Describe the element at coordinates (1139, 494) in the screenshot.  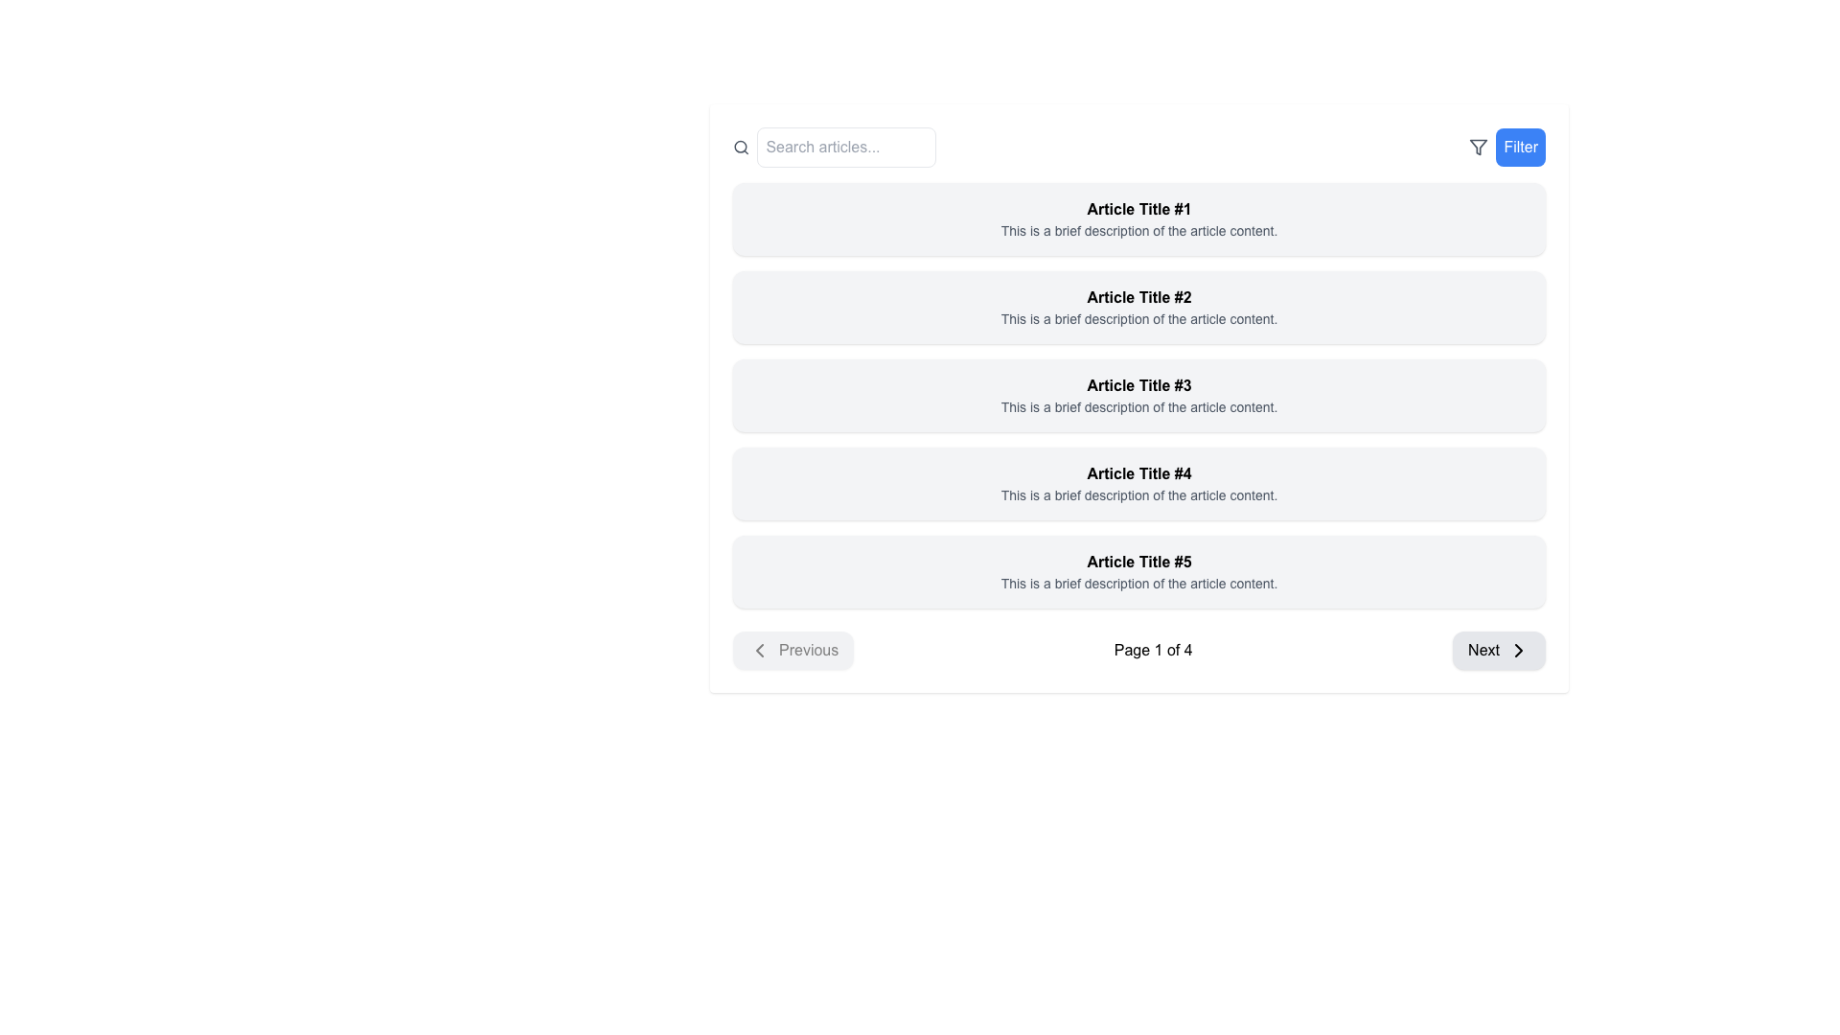
I see `the text area displaying 'This is a brief description of the article content.' which is positioned below 'Article Title #4'` at that location.